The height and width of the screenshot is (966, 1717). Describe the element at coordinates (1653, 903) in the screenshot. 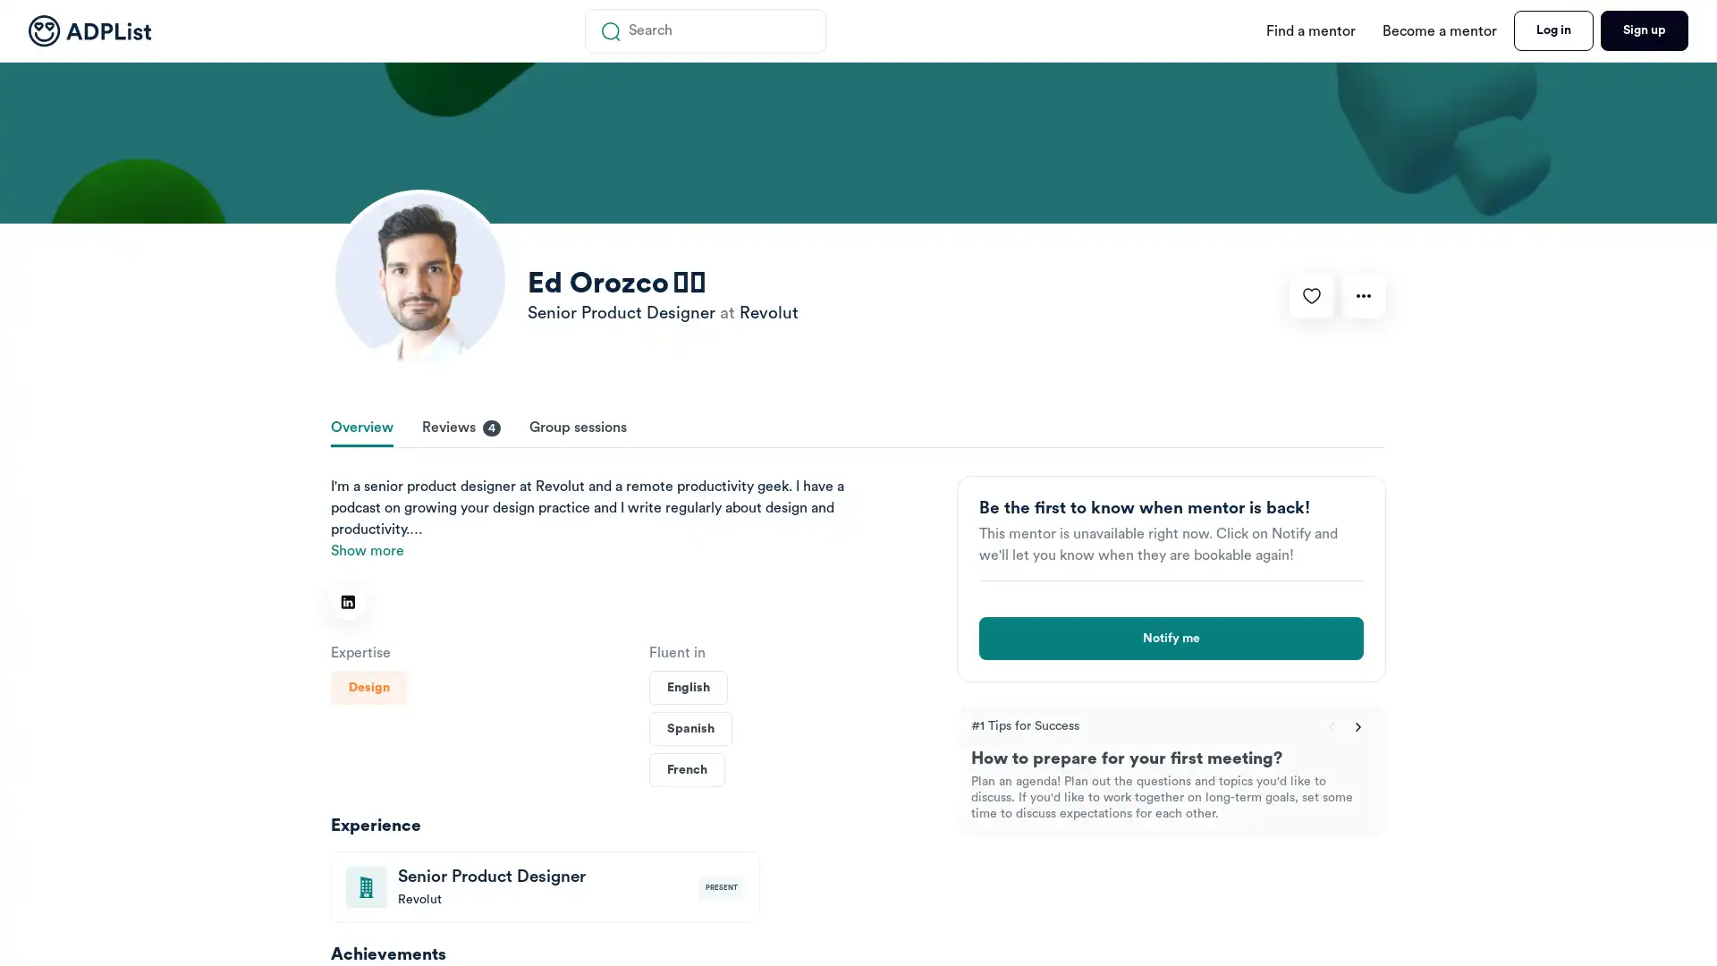

I see `Open Intercom Messenger` at that location.